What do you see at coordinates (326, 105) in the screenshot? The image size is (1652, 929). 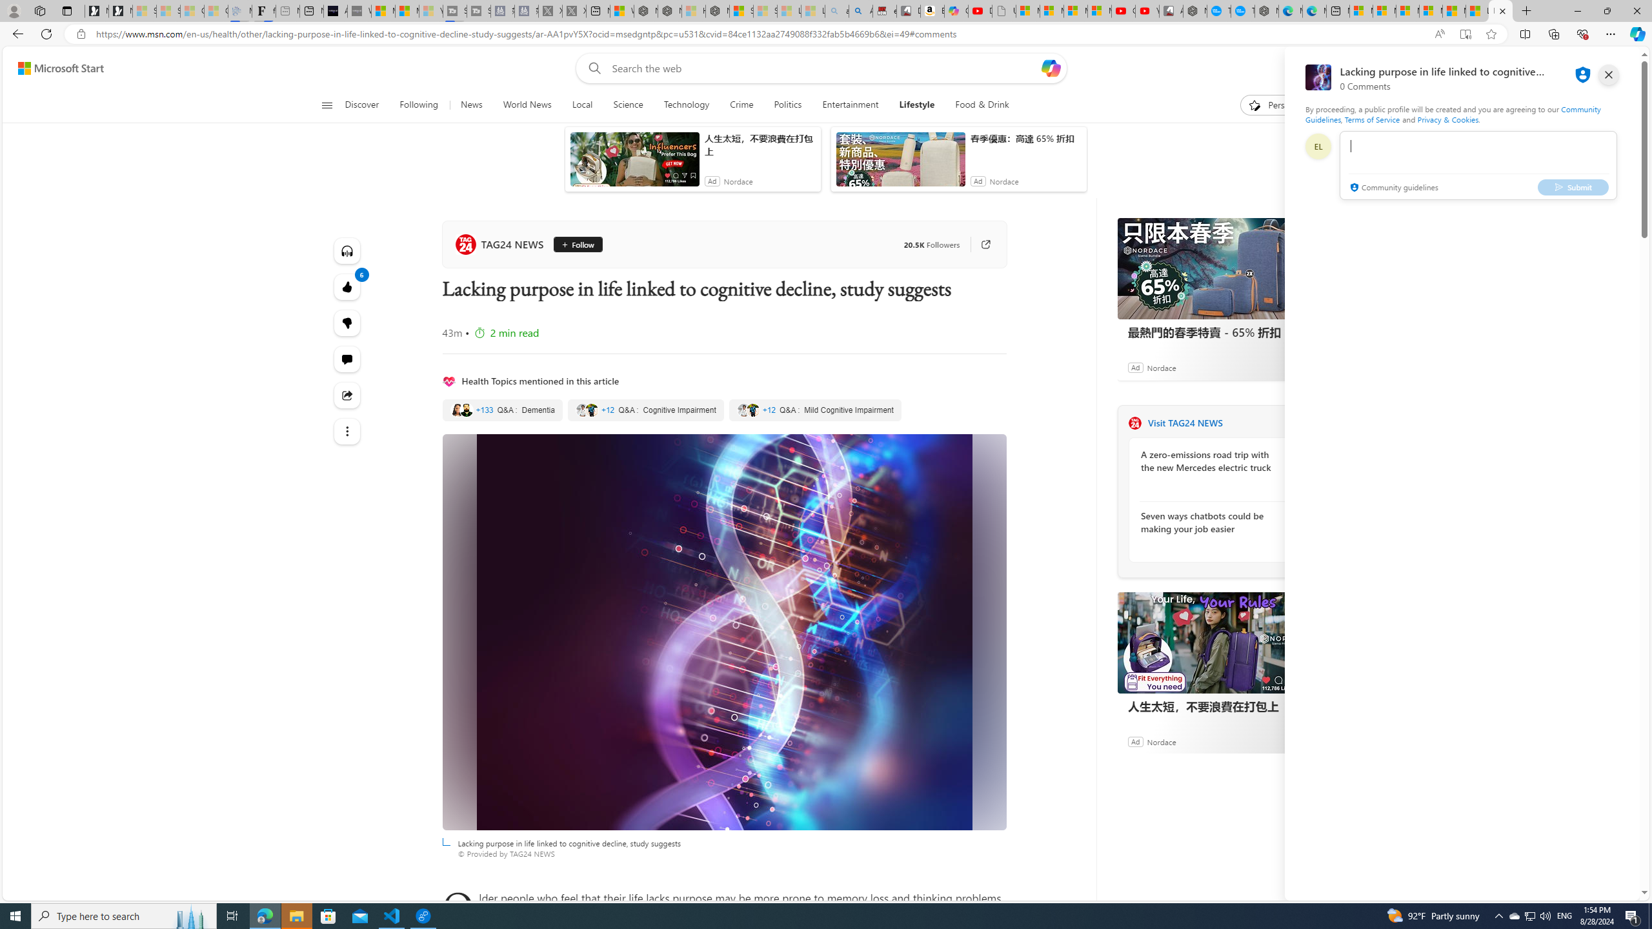 I see `'Class: button-glyph'` at bounding box center [326, 105].